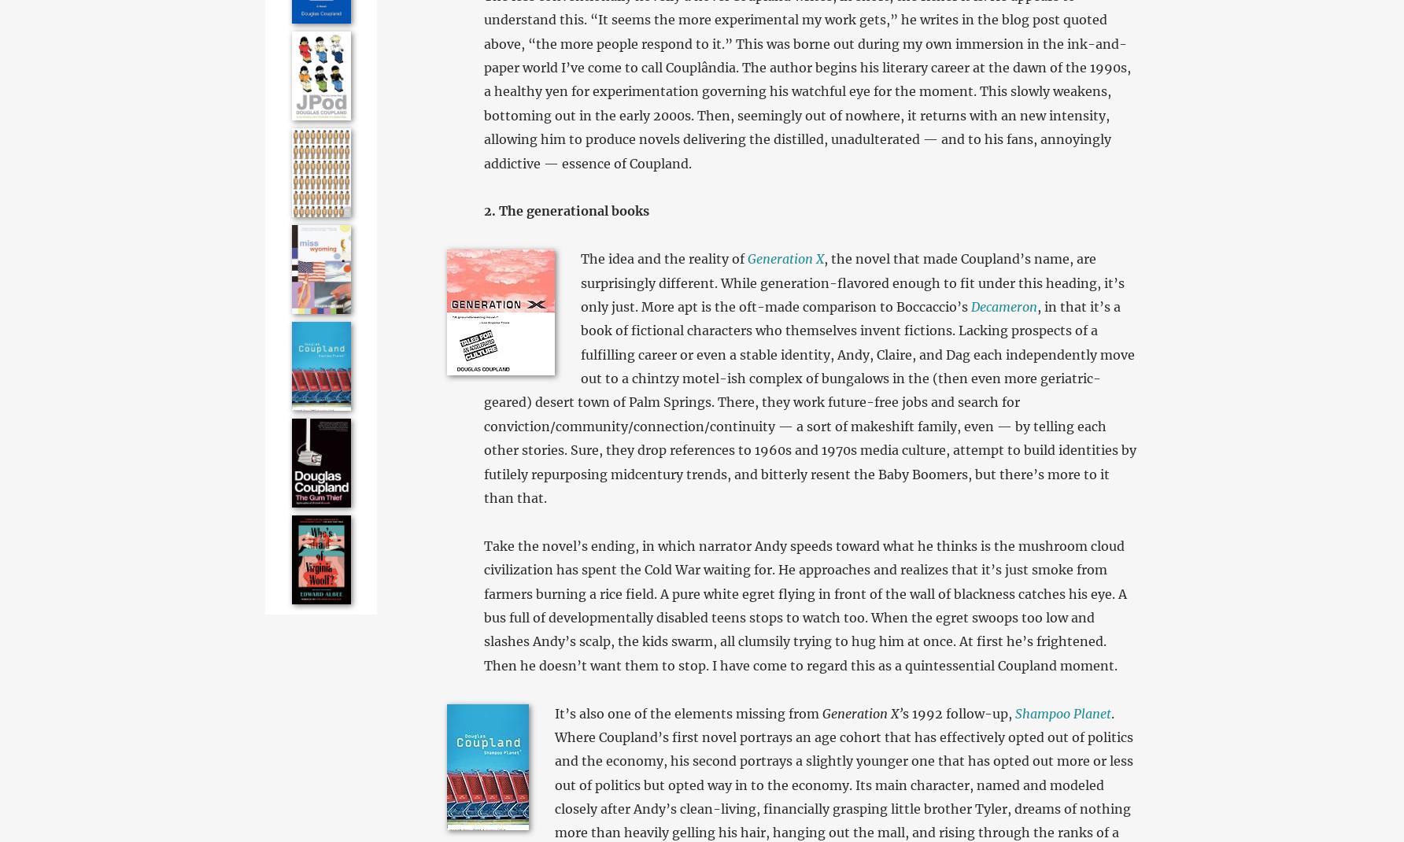  Describe the element at coordinates (565, 211) in the screenshot. I see `'2. The generational books'` at that location.